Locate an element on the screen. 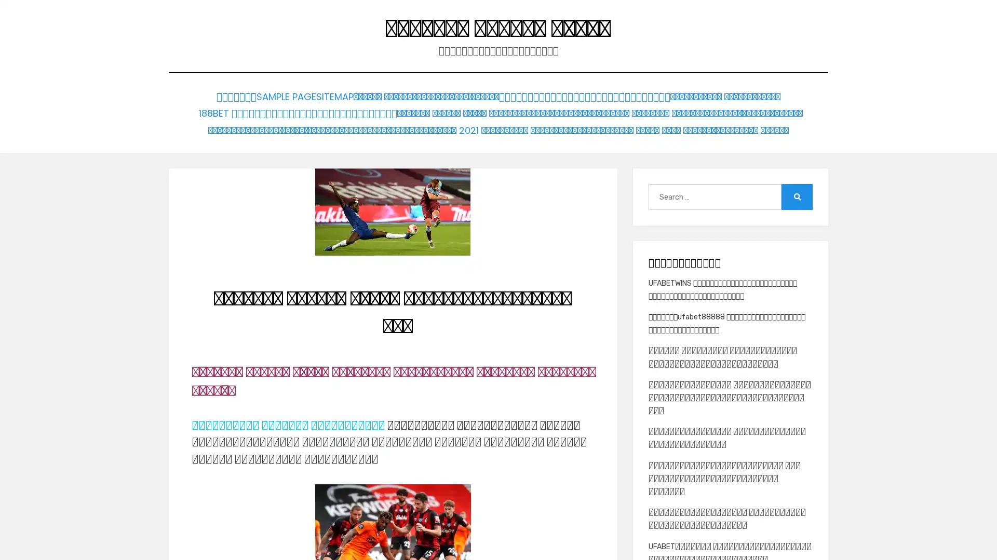  Search is located at coordinates (797, 183).